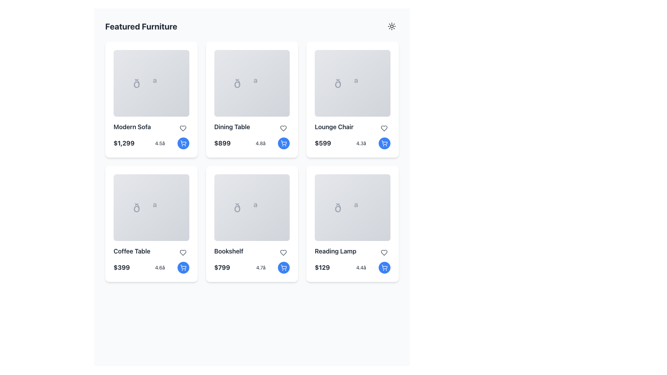 This screenshot has width=667, height=375. Describe the element at coordinates (222, 267) in the screenshot. I see `the Text label displaying '$799', which is prominently styled in a bold font at the bottom-left corner of the 'Bookshelf' card` at that location.